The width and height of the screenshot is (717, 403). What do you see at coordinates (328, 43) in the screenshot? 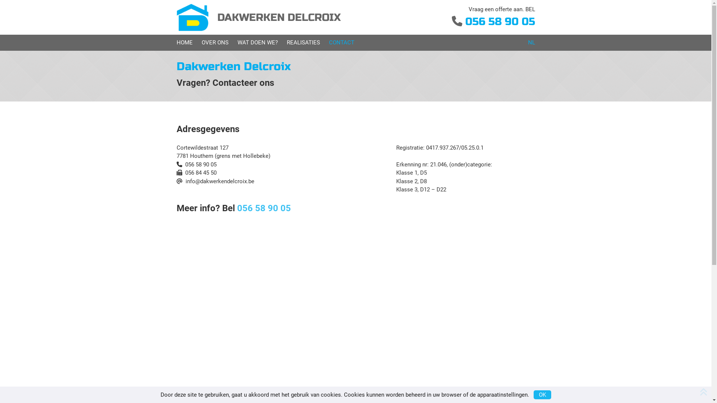
I see `'CONTACT'` at bounding box center [328, 43].